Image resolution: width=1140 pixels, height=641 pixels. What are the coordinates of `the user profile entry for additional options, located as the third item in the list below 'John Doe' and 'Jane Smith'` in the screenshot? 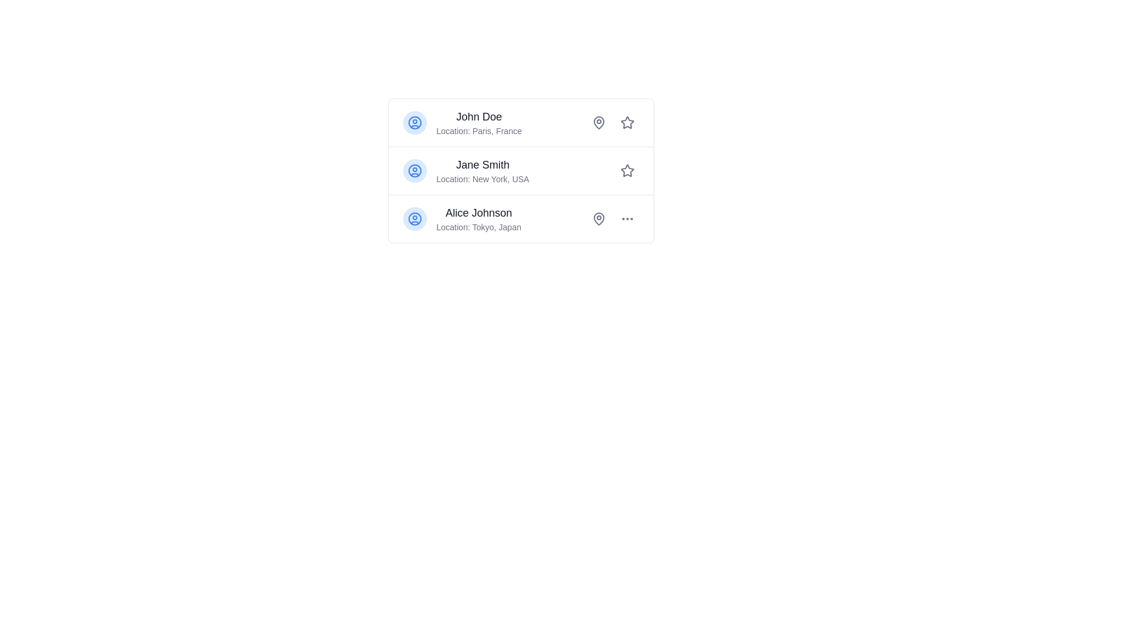 It's located at (521, 218).